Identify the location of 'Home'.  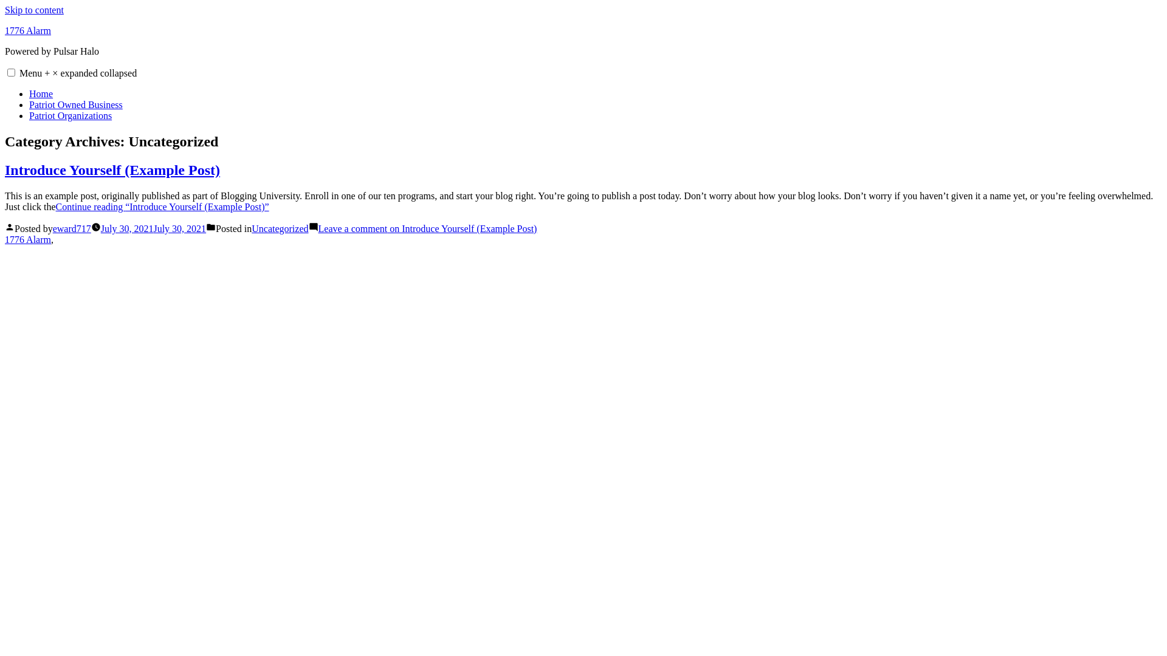
(41, 93).